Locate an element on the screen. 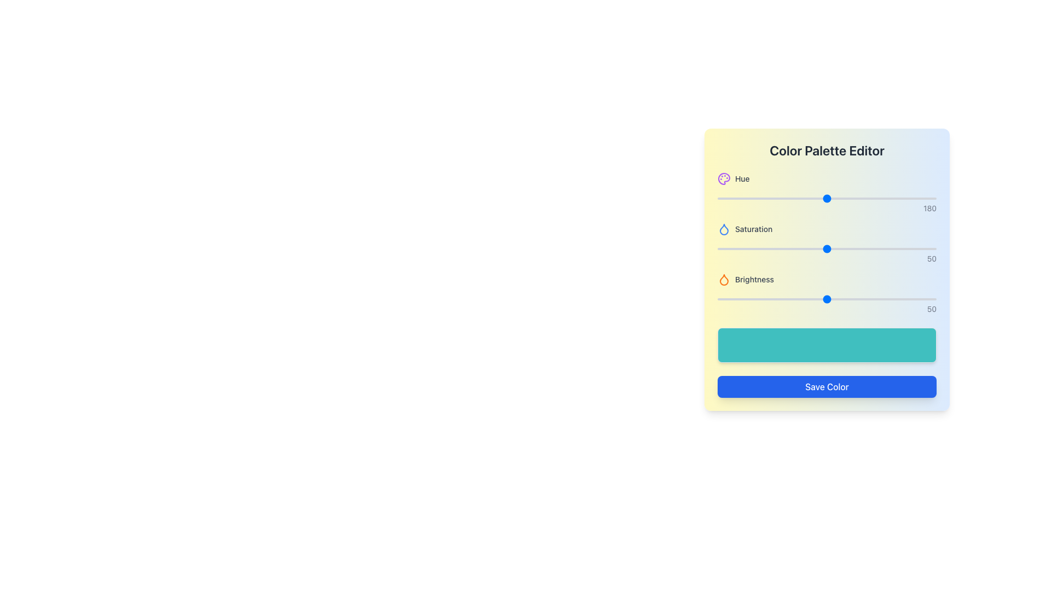  the hue control slider located in the 'Color Palette Editor' section, which is the first of three sliders and has a blue circular thumb indicating a value of 180 is located at coordinates (827, 193).